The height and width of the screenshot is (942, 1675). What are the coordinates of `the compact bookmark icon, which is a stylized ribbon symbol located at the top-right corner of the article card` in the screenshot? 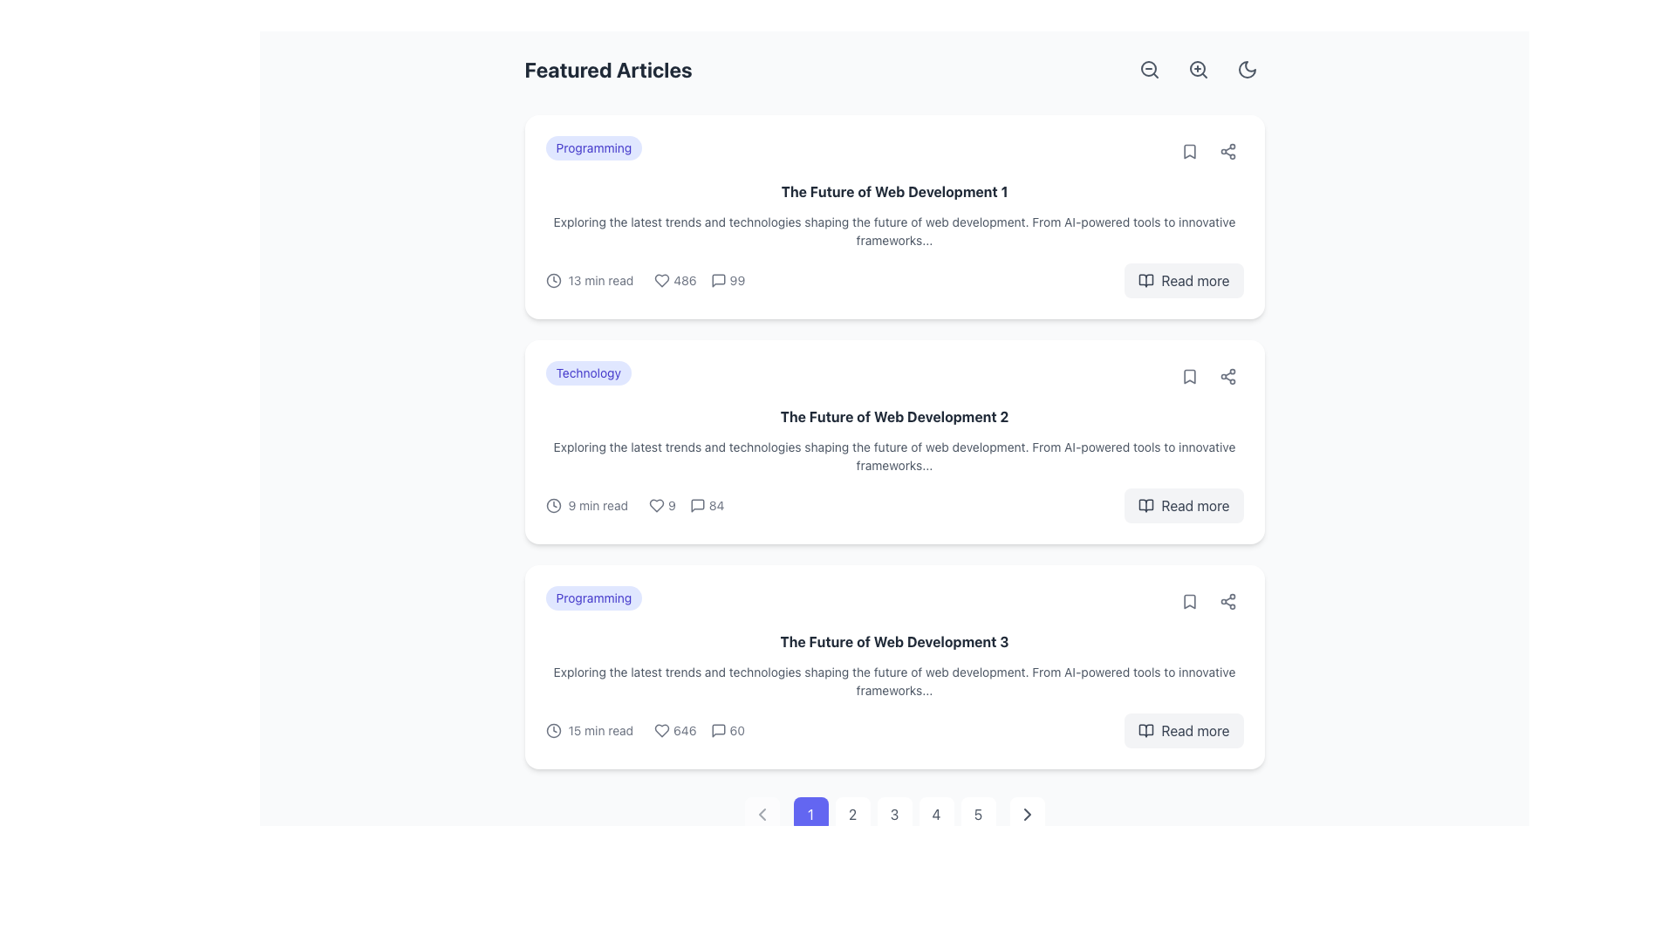 It's located at (1188, 601).